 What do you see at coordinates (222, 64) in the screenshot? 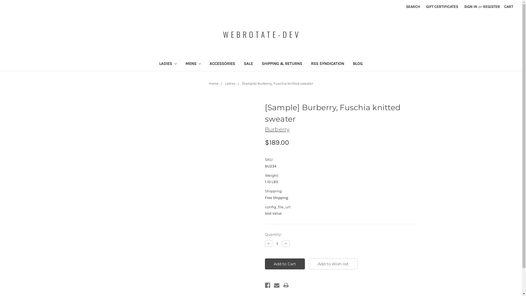
I see `'ACCESSORIES'` at bounding box center [222, 64].